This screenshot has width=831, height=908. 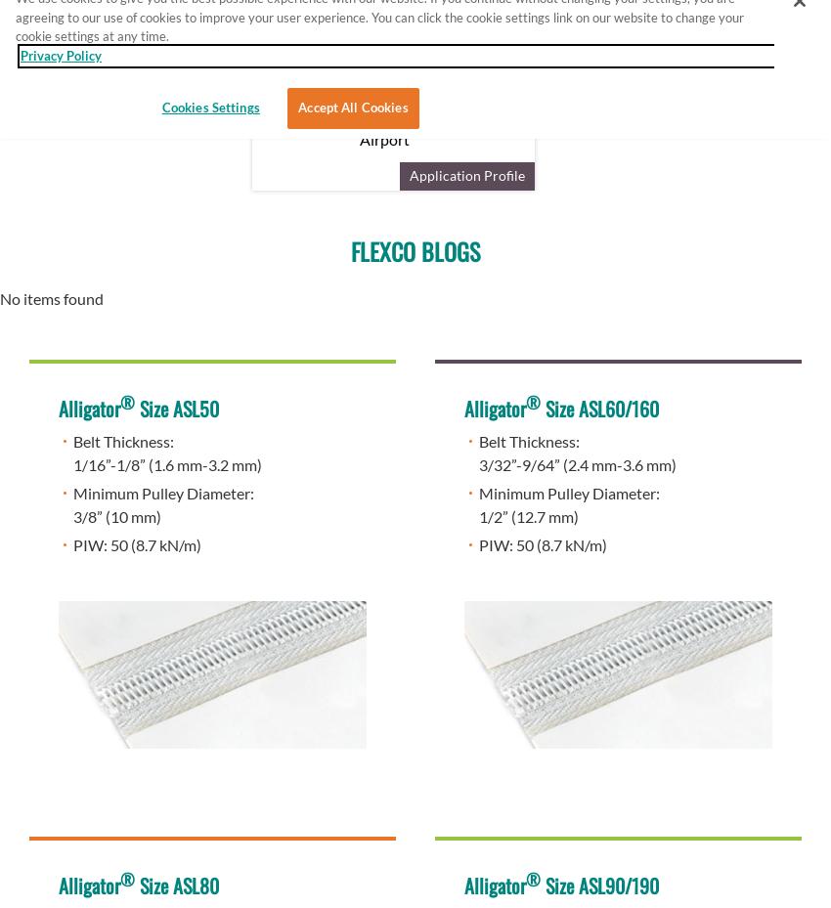 I want to click on '3/32”-9/64” (2.4 mm-3.6 mm)', so click(x=479, y=464).